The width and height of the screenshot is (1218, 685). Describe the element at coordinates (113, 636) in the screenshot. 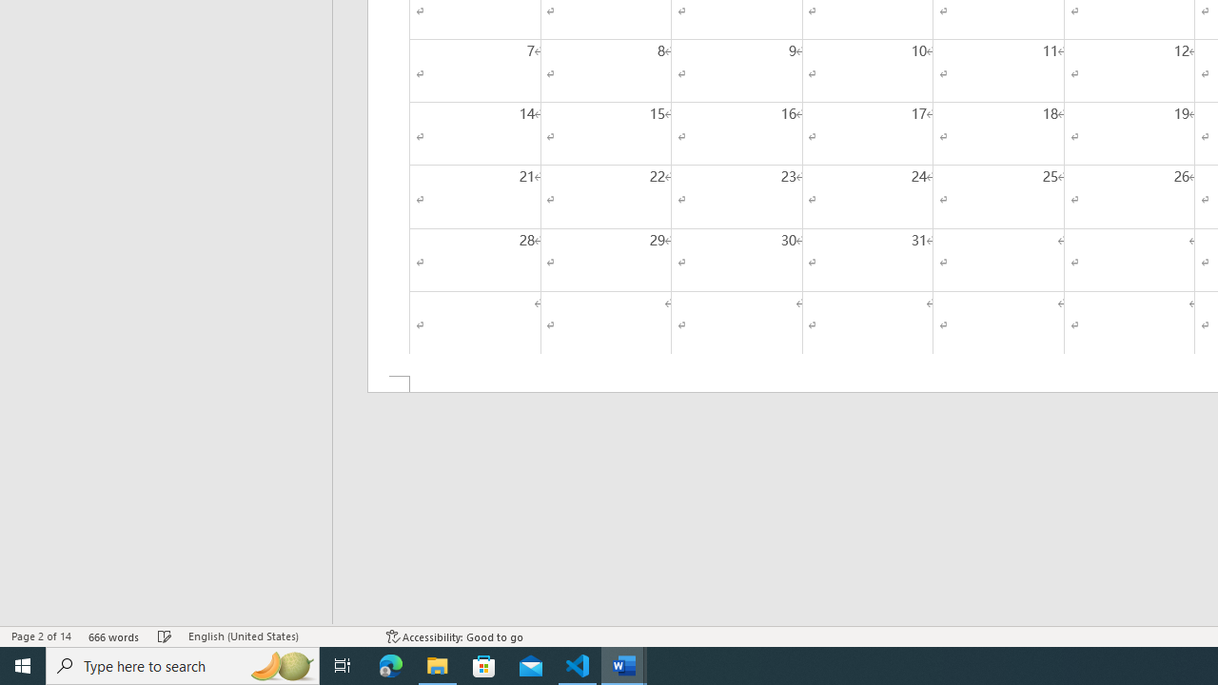

I see `'Word Count 666 words'` at that location.